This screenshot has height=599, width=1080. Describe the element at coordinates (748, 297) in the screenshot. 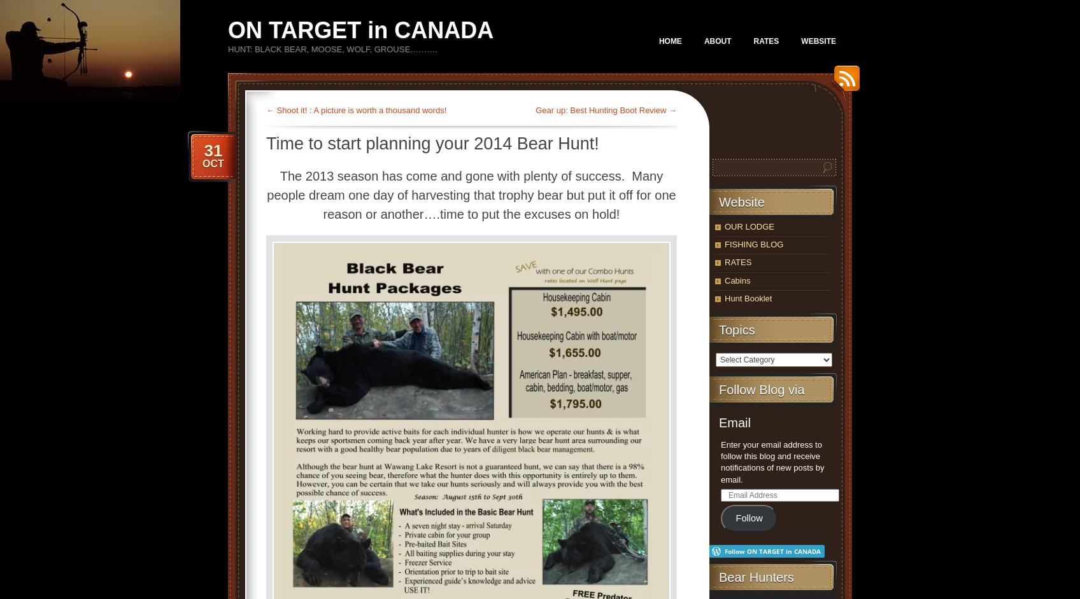

I see `'Hunt Booklet'` at that location.